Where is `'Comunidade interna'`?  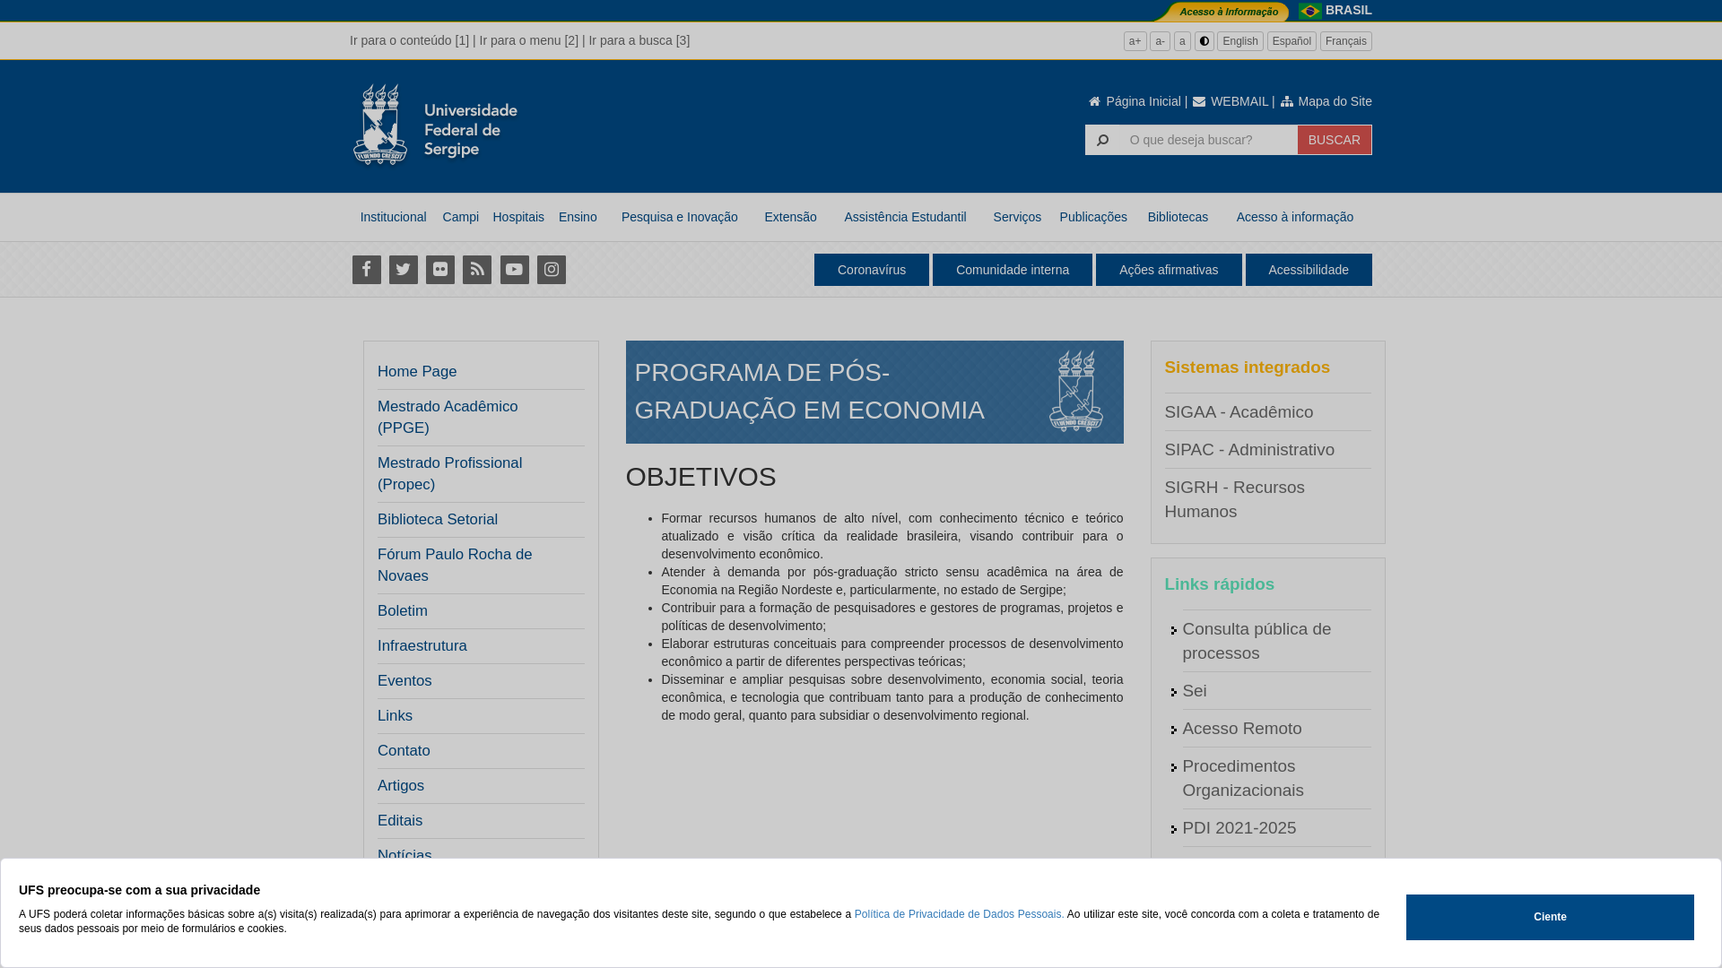 'Comunidade interna' is located at coordinates (1012, 269).